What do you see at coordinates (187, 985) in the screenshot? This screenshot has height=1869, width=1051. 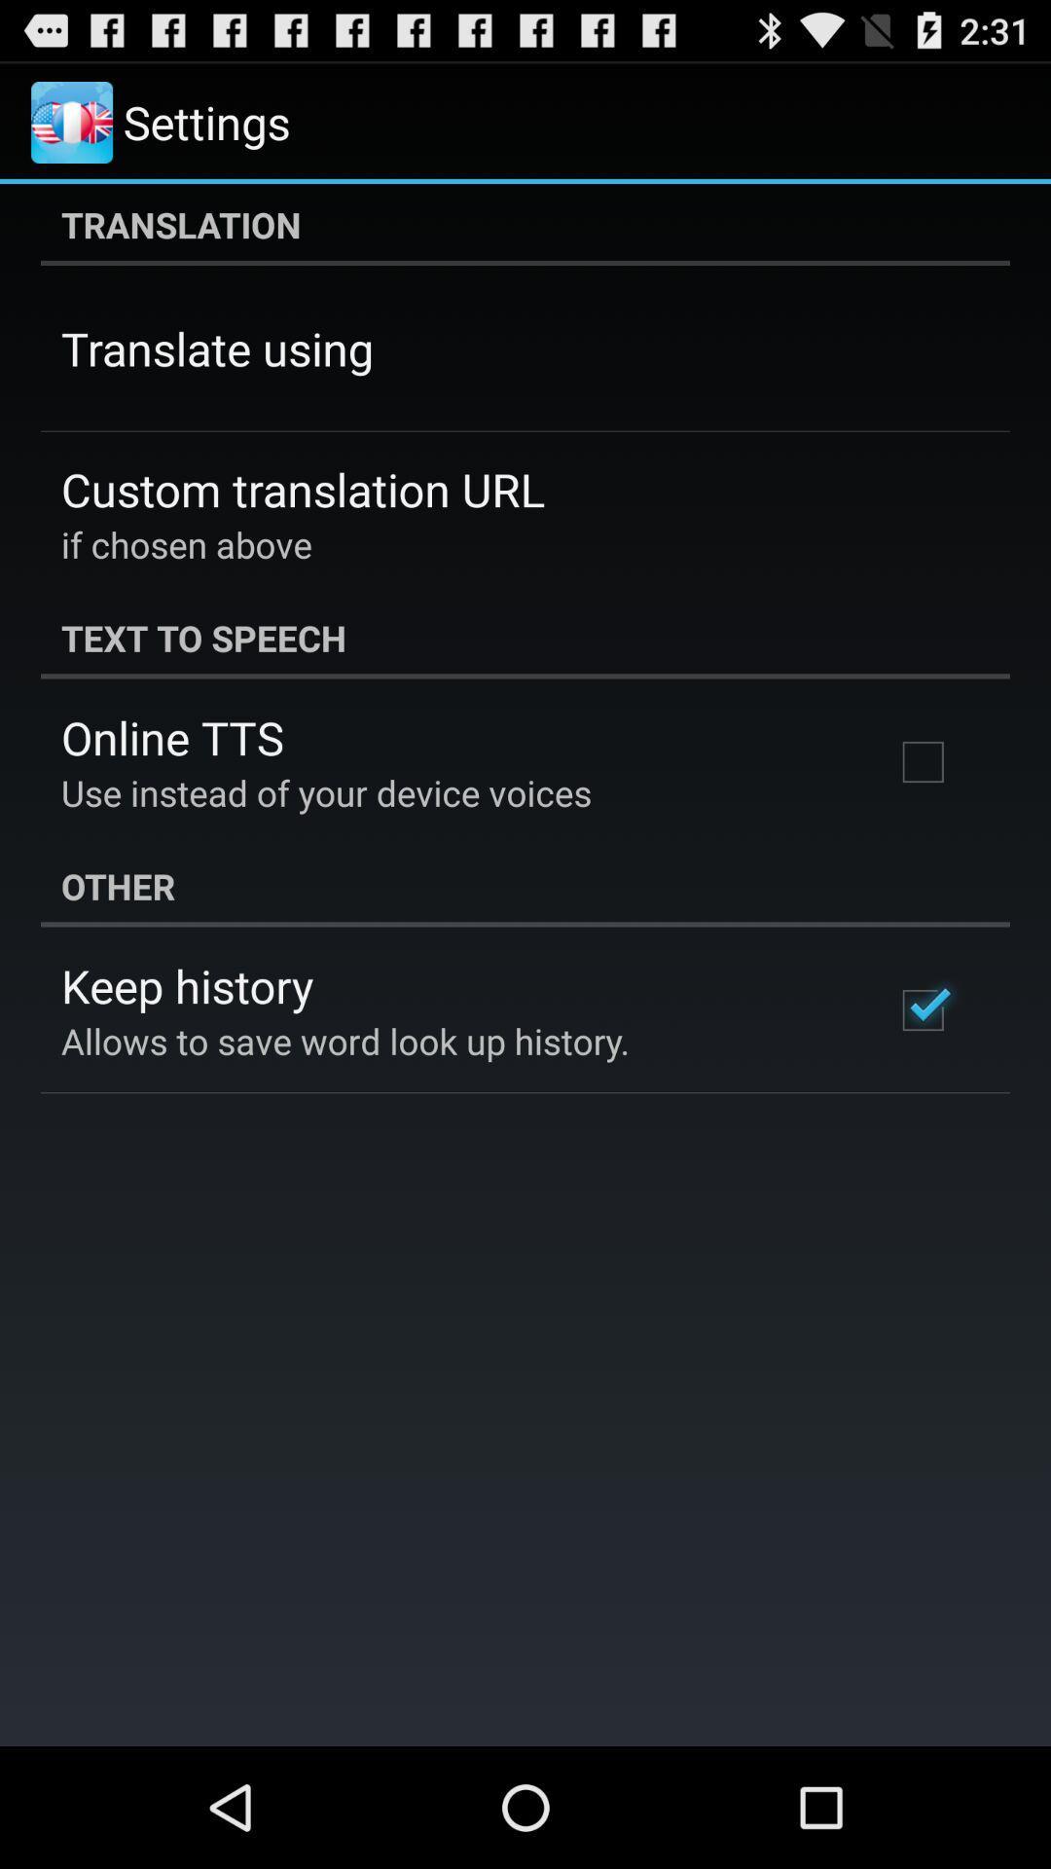 I see `keep history app` at bounding box center [187, 985].